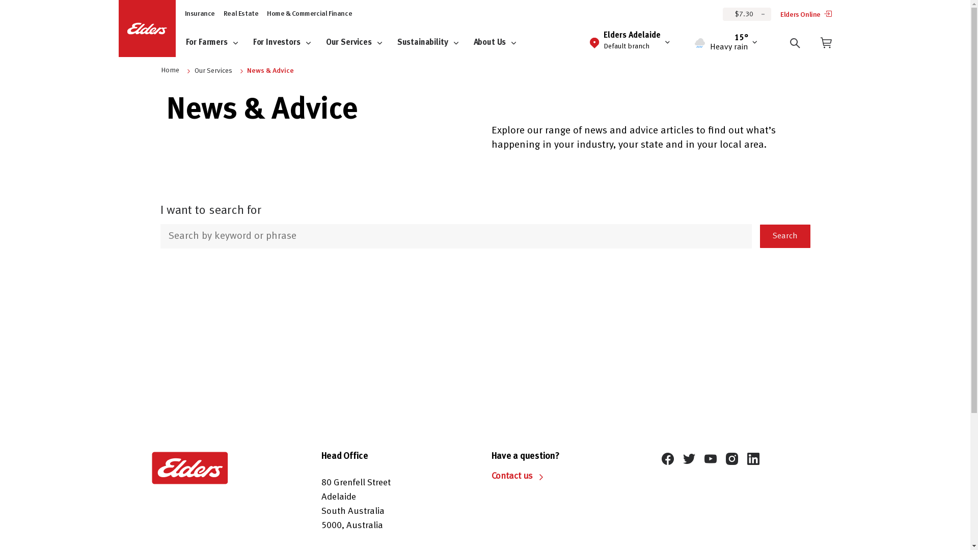 The height and width of the screenshot is (550, 978). What do you see at coordinates (266, 14) in the screenshot?
I see `'Home & Commercial Finance'` at bounding box center [266, 14].